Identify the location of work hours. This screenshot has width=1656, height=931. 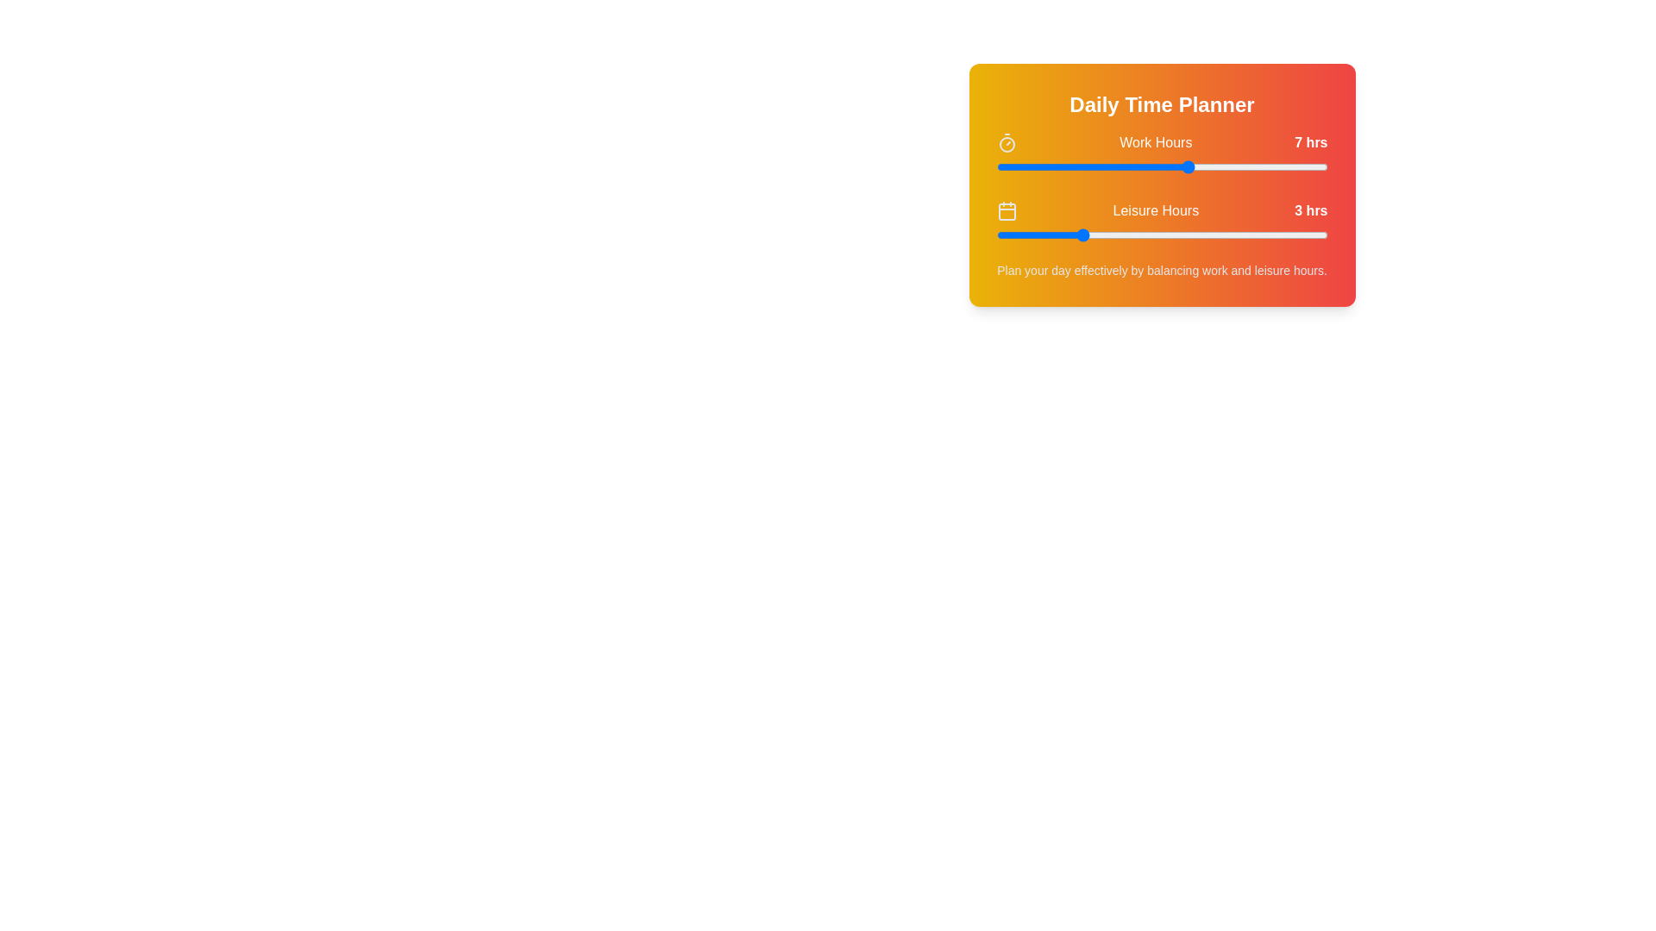
(1162, 166).